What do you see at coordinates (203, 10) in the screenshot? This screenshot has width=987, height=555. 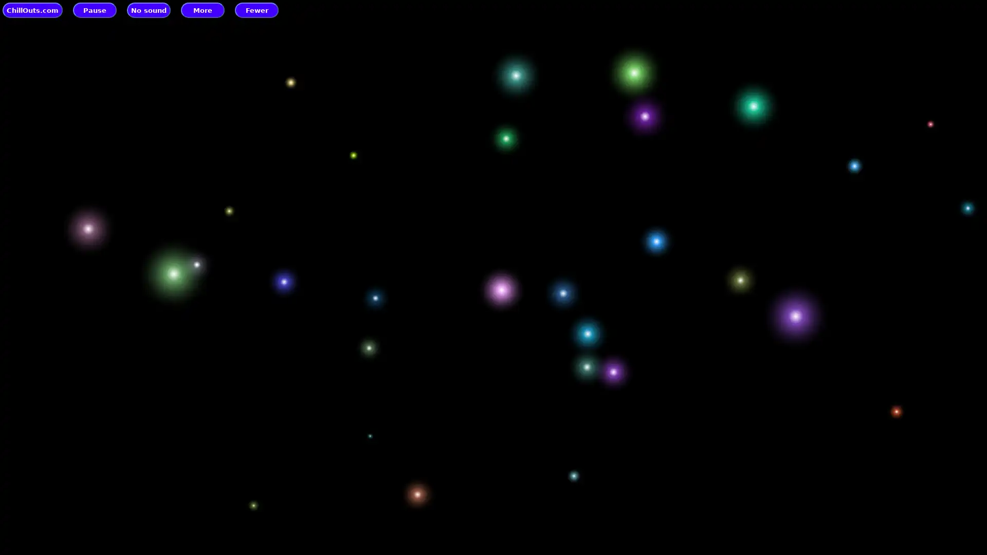 I see `More` at bounding box center [203, 10].